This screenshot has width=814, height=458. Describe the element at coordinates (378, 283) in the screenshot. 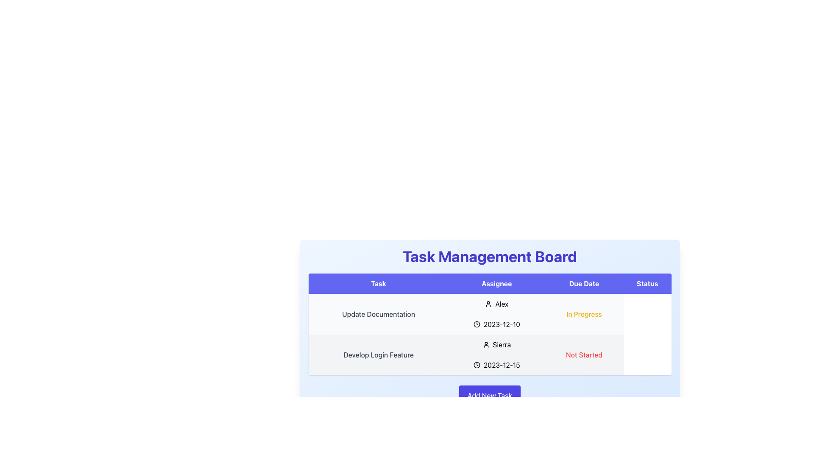

I see `the 'Task' text label with a purple background, which is the first column header in the task management table` at that location.